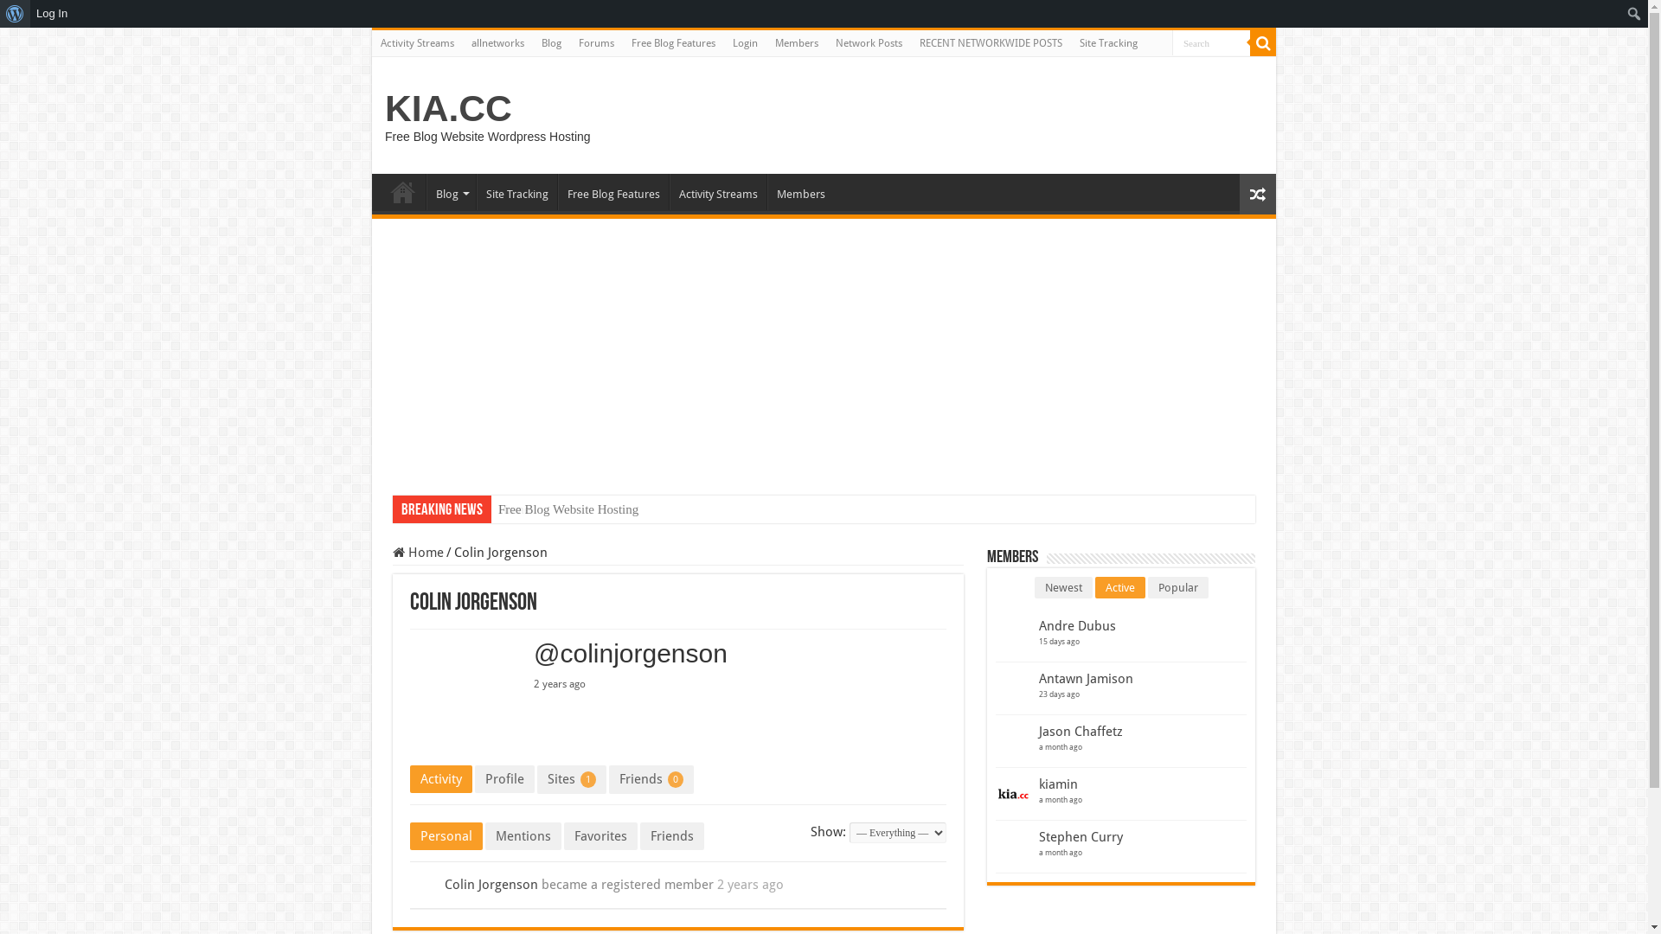  Describe the element at coordinates (651, 779) in the screenshot. I see `'Friends 0'` at that location.